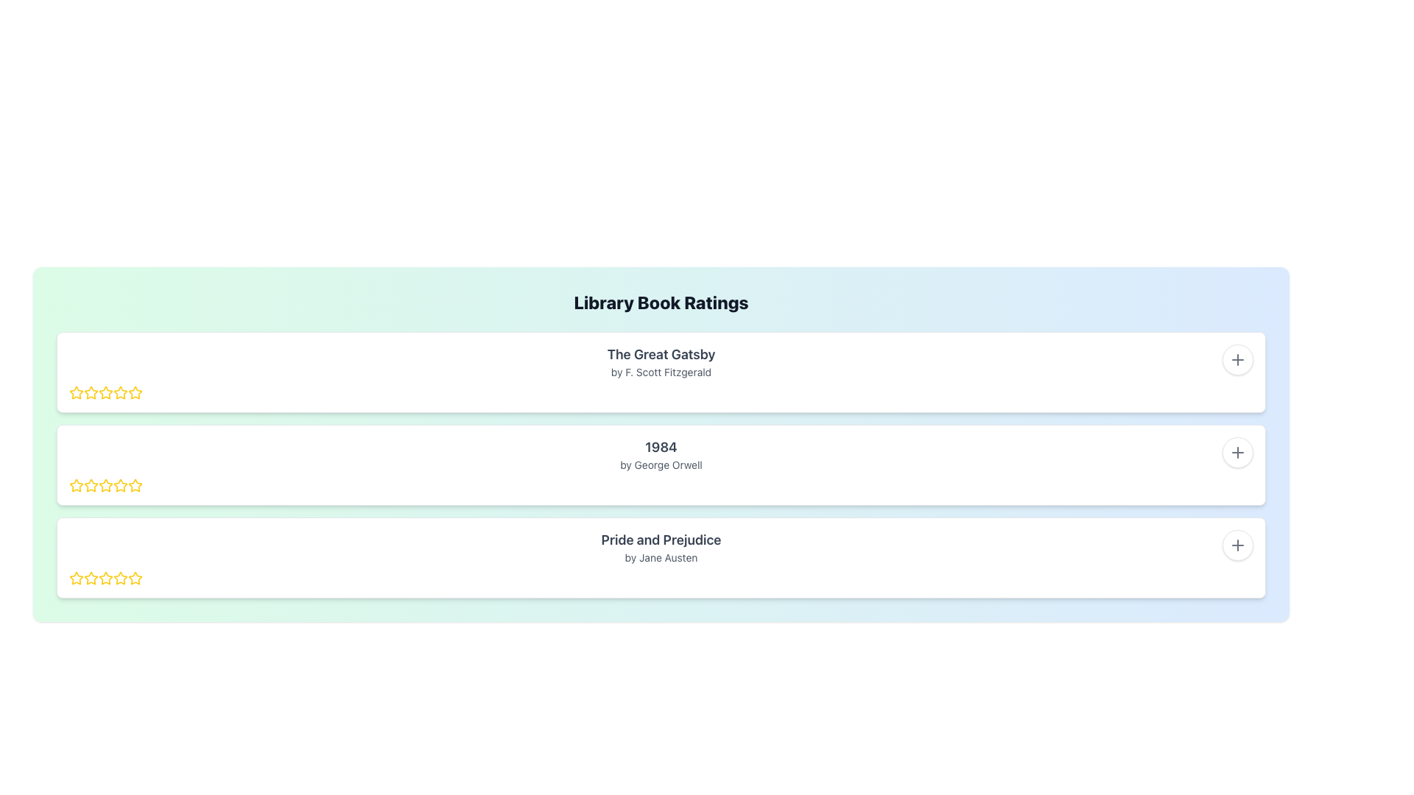 The image size is (1414, 795). Describe the element at coordinates (105, 485) in the screenshot. I see `the second rating star icon with a yellow border to provide a rating for the book '1984' by George Orwell` at that location.